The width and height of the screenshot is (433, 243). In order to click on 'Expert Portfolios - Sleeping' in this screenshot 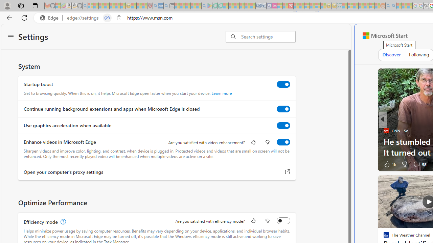, I will do `click(361, 6)`.